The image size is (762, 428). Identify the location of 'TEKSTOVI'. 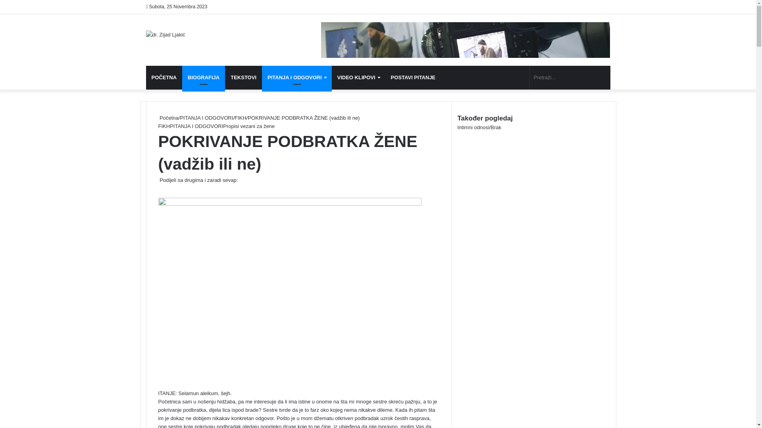
(224, 78).